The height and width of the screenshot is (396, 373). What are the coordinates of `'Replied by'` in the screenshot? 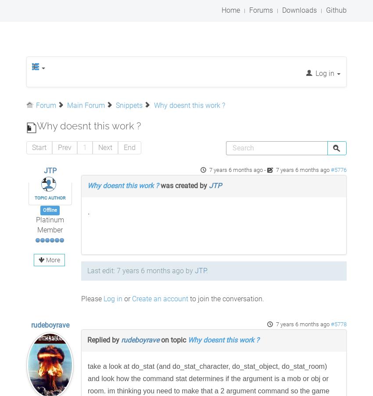 It's located at (104, 339).